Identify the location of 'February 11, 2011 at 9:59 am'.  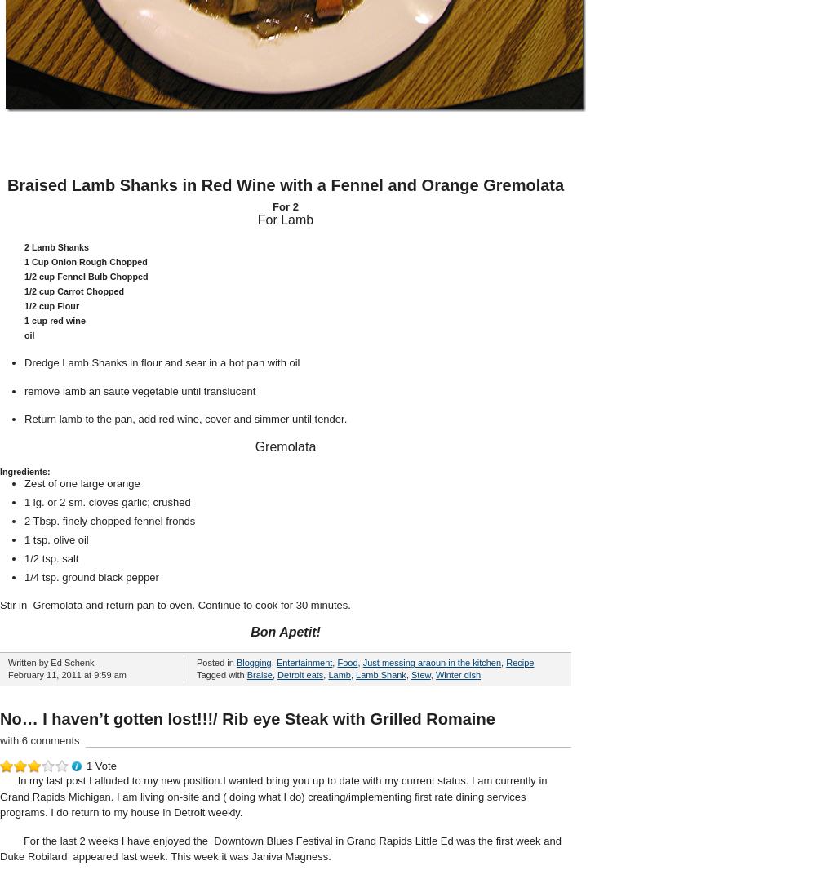
(66, 675).